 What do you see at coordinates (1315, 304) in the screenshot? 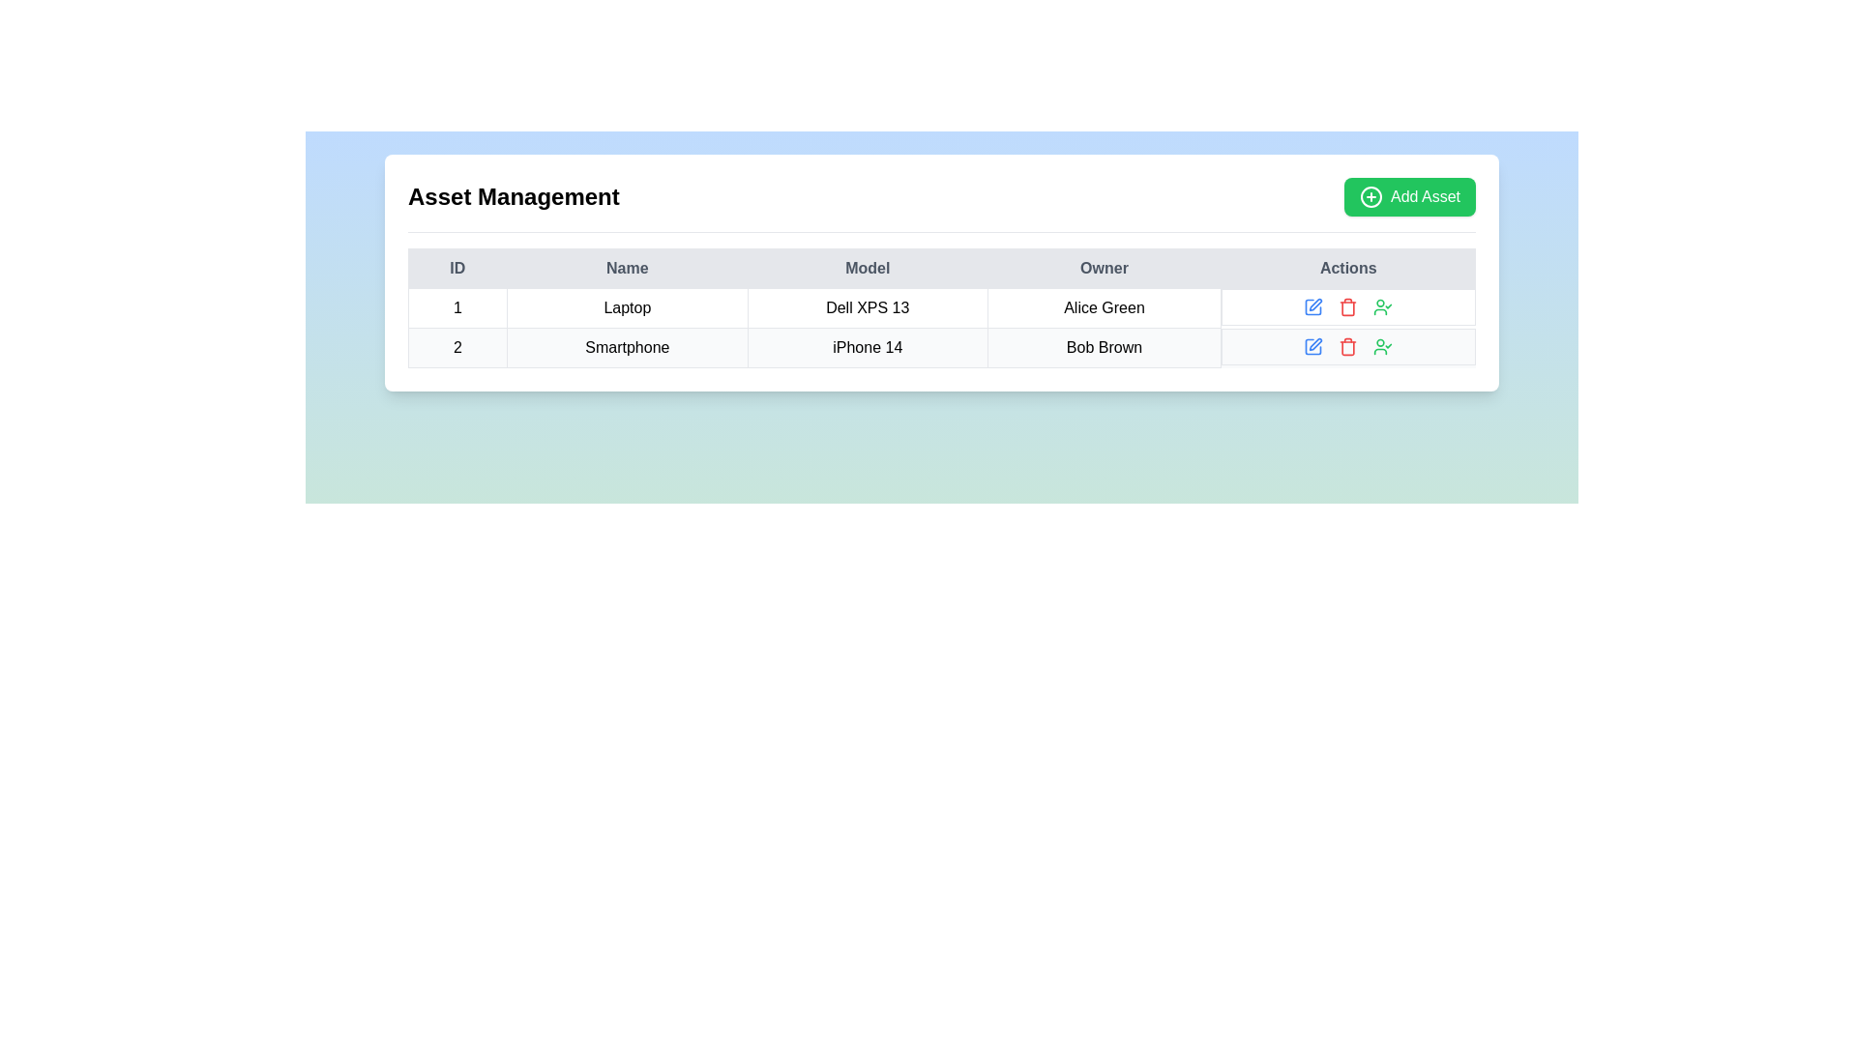
I see `the SVG icon representing the editing action located in the 'Actions' column of the first row in the table` at bounding box center [1315, 304].